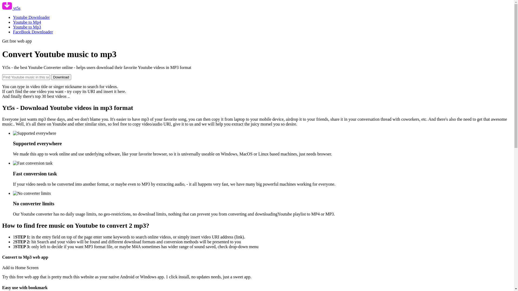 This screenshot has width=518, height=291. What do you see at coordinates (27, 27) in the screenshot?
I see `'Youtube to Mp3'` at bounding box center [27, 27].